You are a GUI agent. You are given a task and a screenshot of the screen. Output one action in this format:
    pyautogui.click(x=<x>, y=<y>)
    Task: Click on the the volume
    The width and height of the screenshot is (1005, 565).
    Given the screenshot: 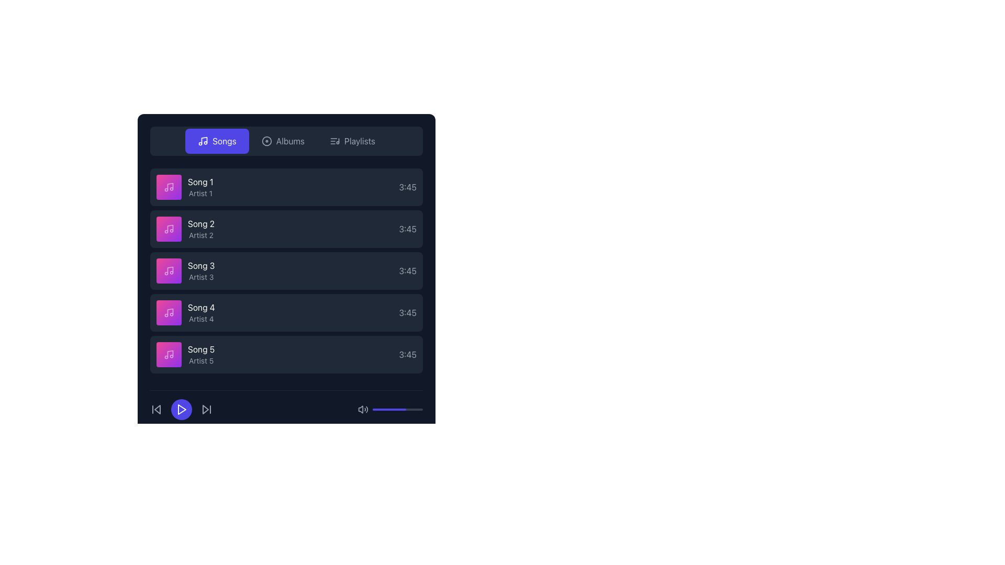 What is the action you would take?
    pyautogui.click(x=409, y=409)
    